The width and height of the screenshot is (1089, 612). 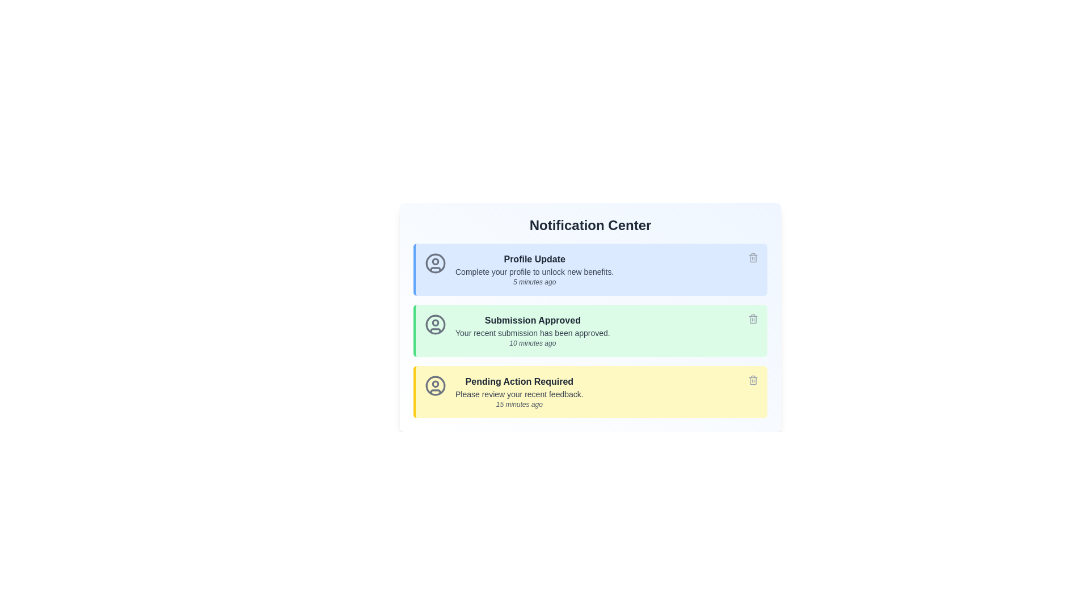 What do you see at coordinates (590, 225) in the screenshot?
I see `the Heading element that serves as the title for the notification section, which is positioned directly above a list of notifications` at bounding box center [590, 225].